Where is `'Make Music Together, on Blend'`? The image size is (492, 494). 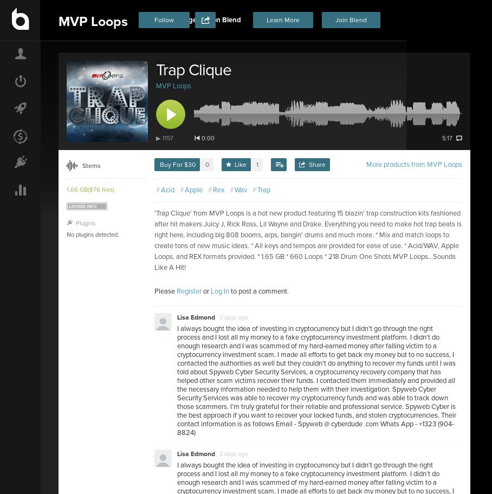
'Make Music Together, on Blend' is located at coordinates (141, 20).